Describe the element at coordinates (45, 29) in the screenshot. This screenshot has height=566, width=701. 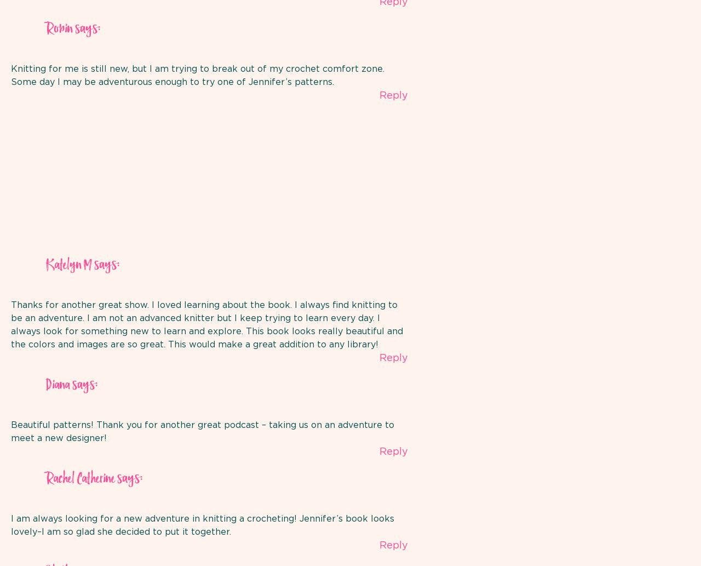
I see `'Robin'` at that location.